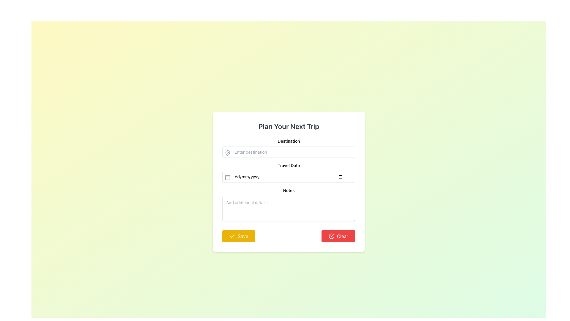 The height and width of the screenshot is (321, 570). What do you see at coordinates (227, 153) in the screenshot?
I see `the geographical location icon located to the left of the destination text input field in the 'Plan Your Next Trip' form` at bounding box center [227, 153].